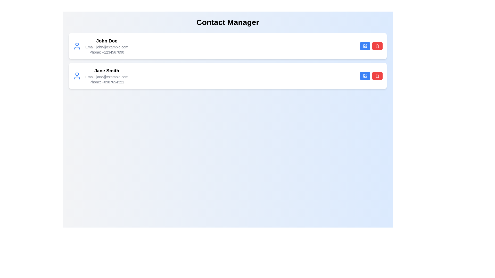 This screenshot has width=495, height=278. Describe the element at coordinates (77, 74) in the screenshot. I see `circular head element of the user icon representing 'Jane Smith' in the browser developer tools` at that location.